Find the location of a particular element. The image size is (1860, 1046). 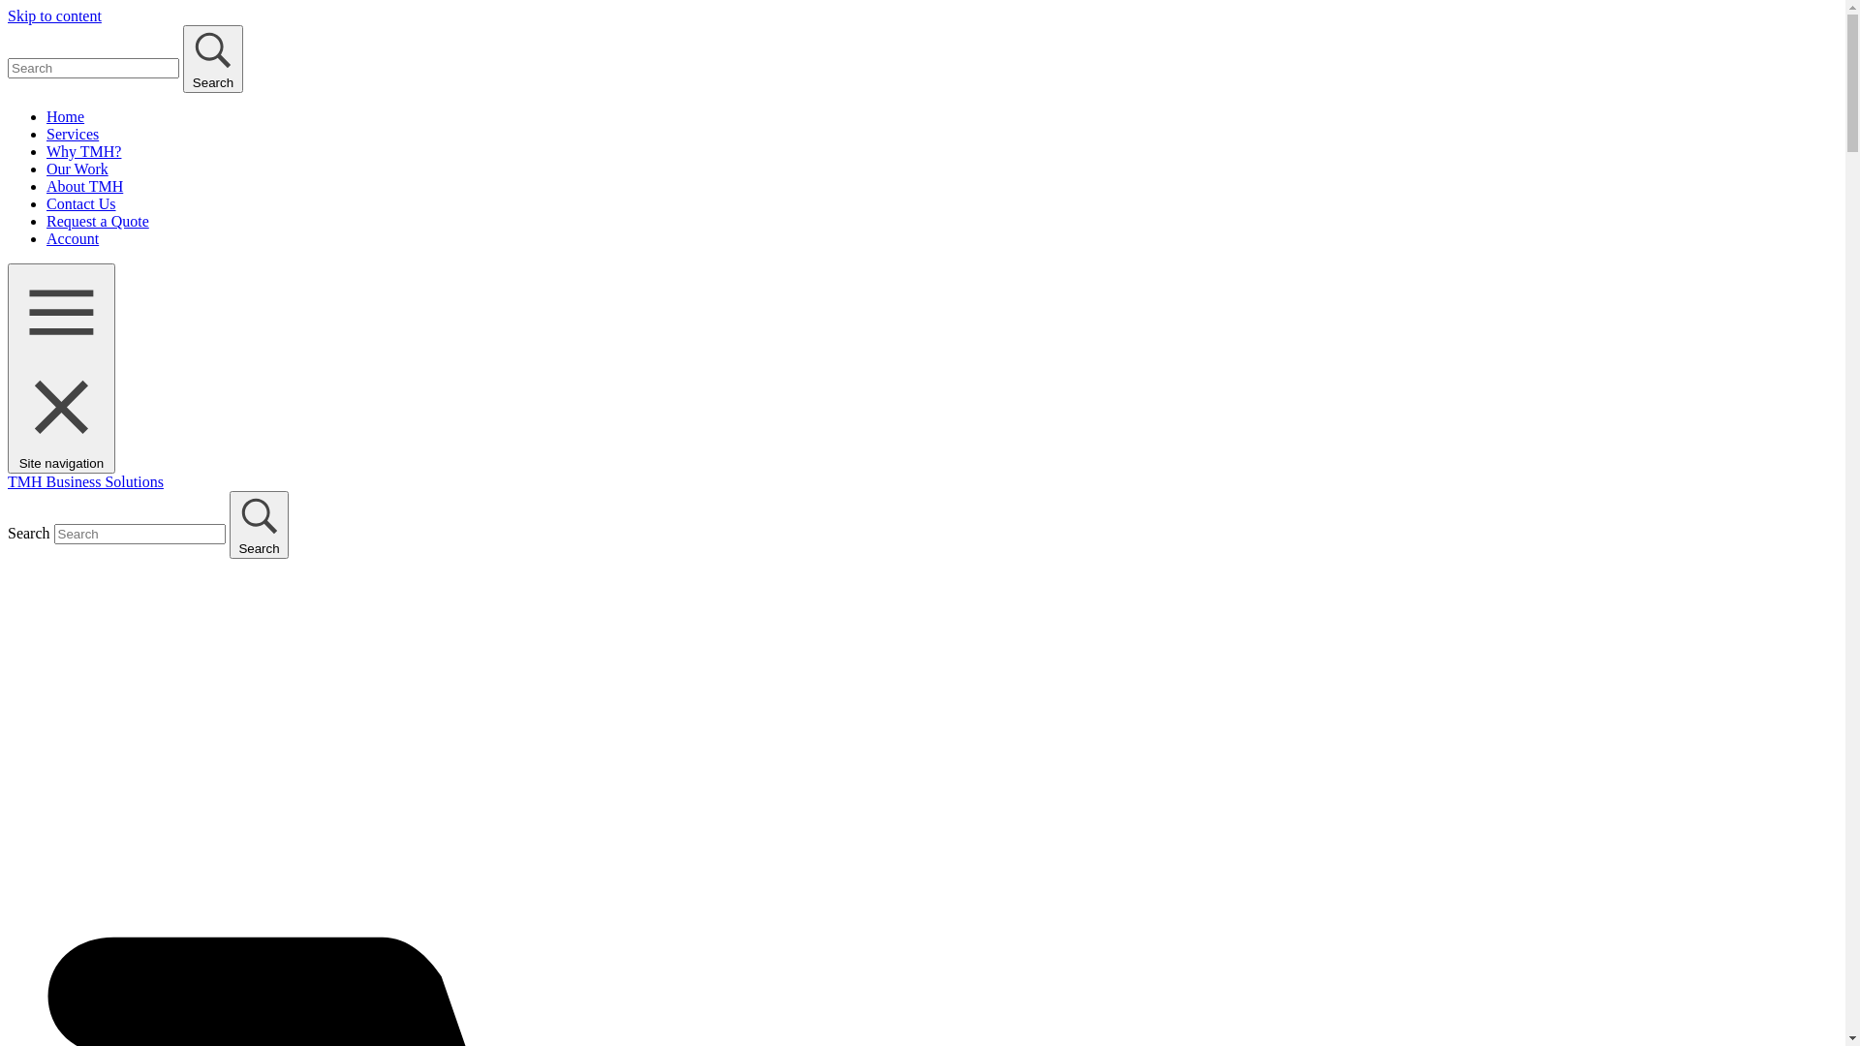

'Services' is located at coordinates (73, 133).